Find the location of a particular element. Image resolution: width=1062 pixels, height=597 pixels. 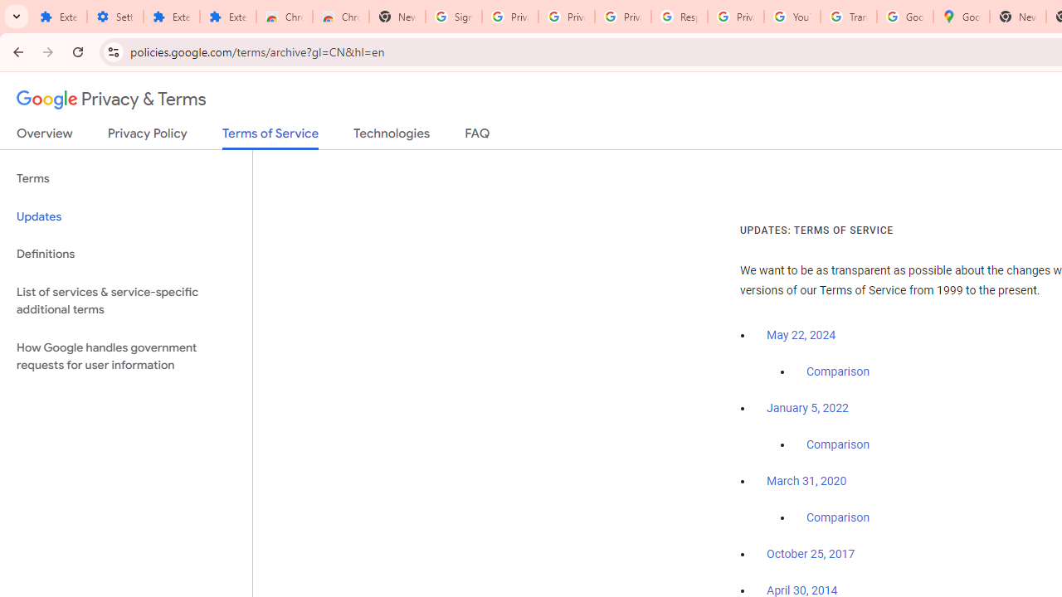

'Extensions' is located at coordinates (171, 17).